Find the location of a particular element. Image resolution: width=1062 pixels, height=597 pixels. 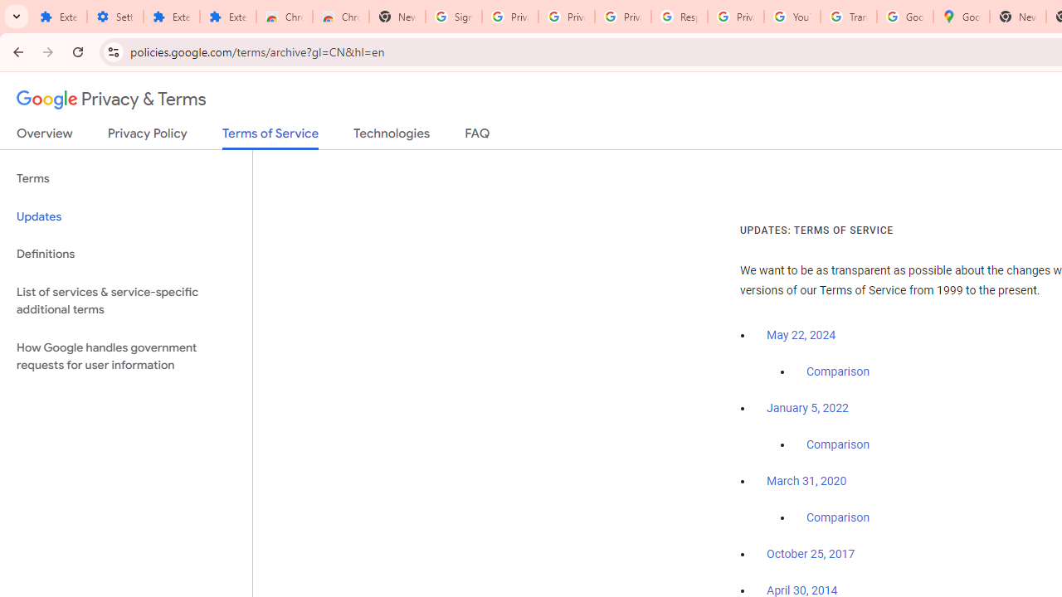

'Extensions' is located at coordinates (171, 17).